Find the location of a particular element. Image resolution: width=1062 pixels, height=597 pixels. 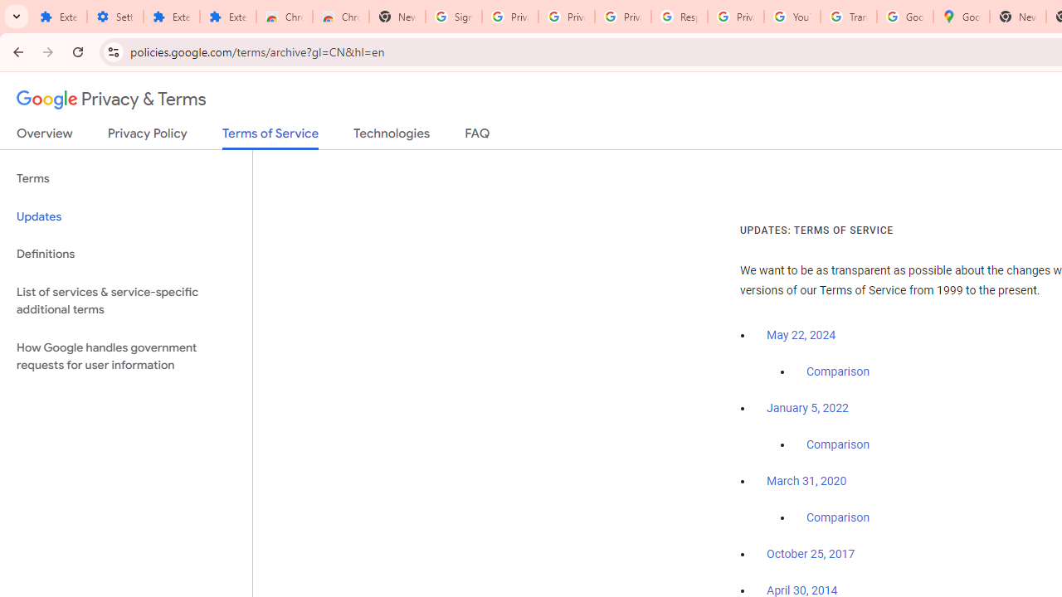

'Extensions' is located at coordinates (171, 17).